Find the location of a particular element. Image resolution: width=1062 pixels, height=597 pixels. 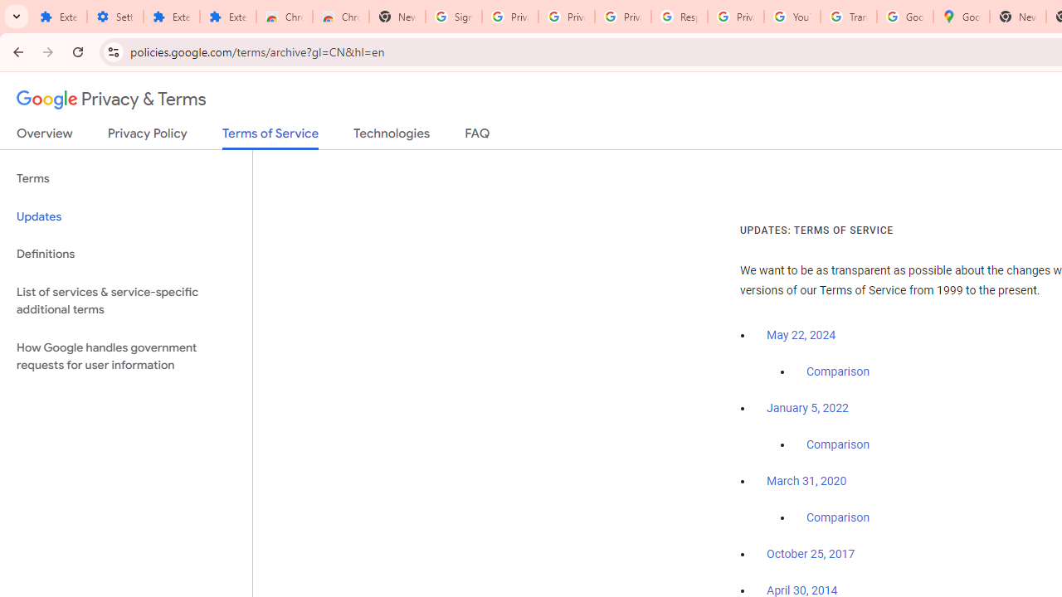

'Extensions' is located at coordinates (171, 17).